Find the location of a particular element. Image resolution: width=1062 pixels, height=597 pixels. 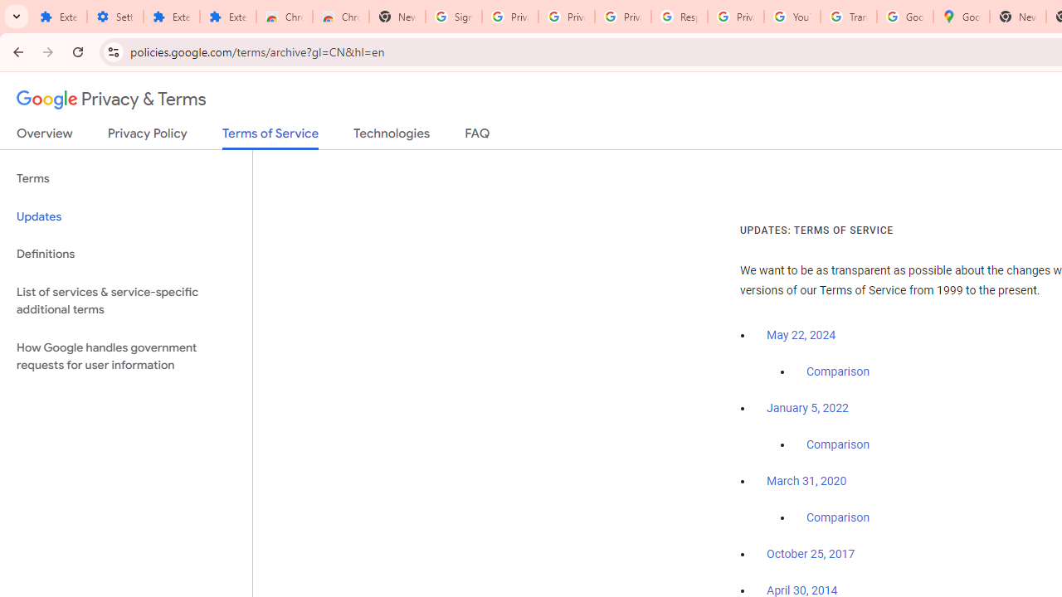

'Extensions' is located at coordinates (171, 17).